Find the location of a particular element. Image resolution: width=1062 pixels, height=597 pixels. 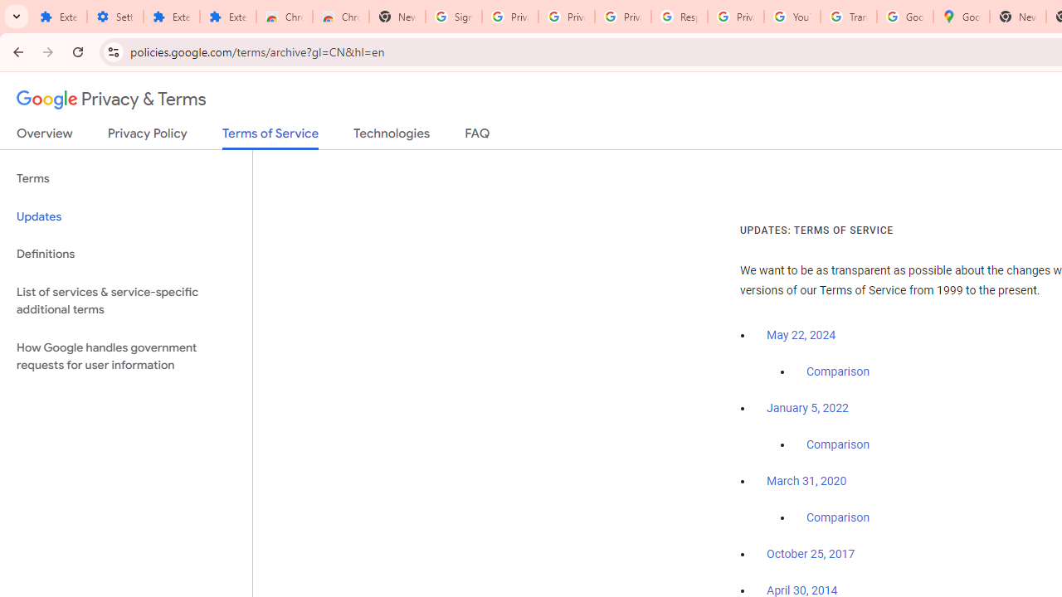

'Extensions' is located at coordinates (171, 17).